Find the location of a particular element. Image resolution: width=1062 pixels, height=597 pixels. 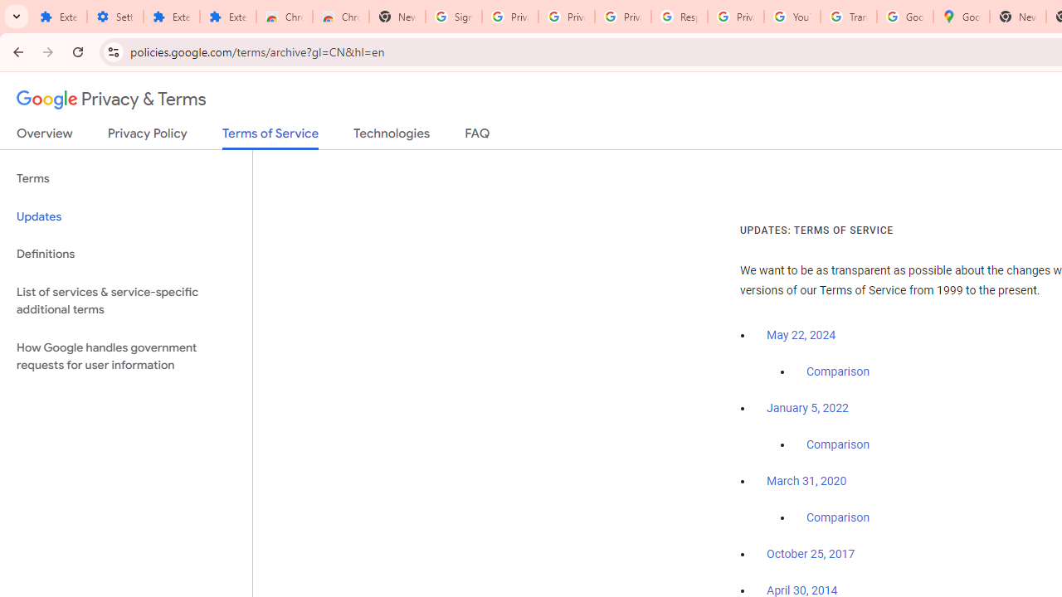

'Extensions' is located at coordinates (171, 17).